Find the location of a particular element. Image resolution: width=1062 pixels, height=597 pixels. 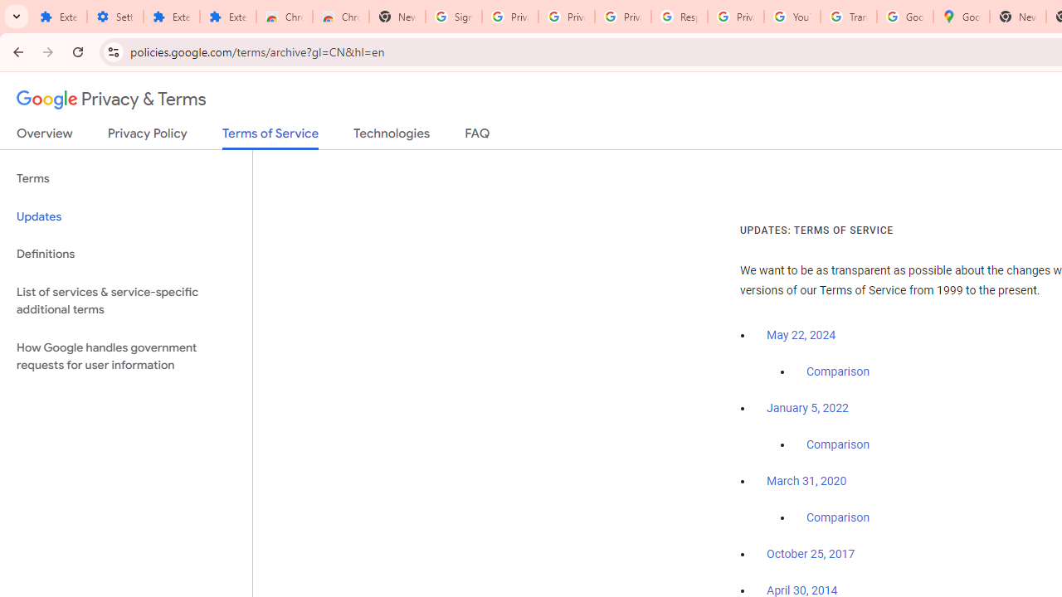

'Extensions' is located at coordinates (171, 17).